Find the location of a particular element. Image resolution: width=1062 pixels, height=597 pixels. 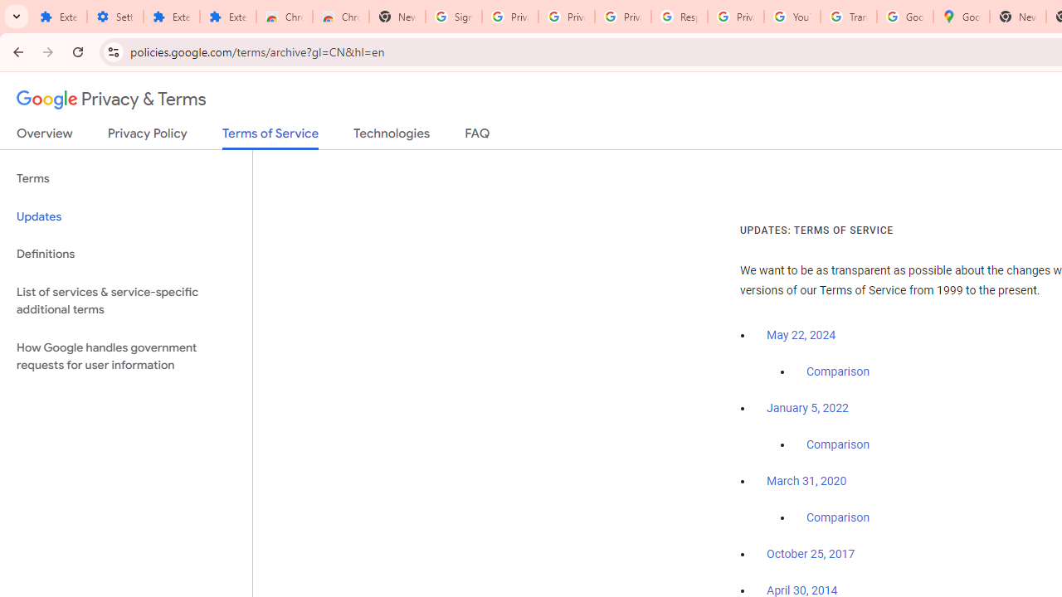

'Extensions' is located at coordinates (171, 17).